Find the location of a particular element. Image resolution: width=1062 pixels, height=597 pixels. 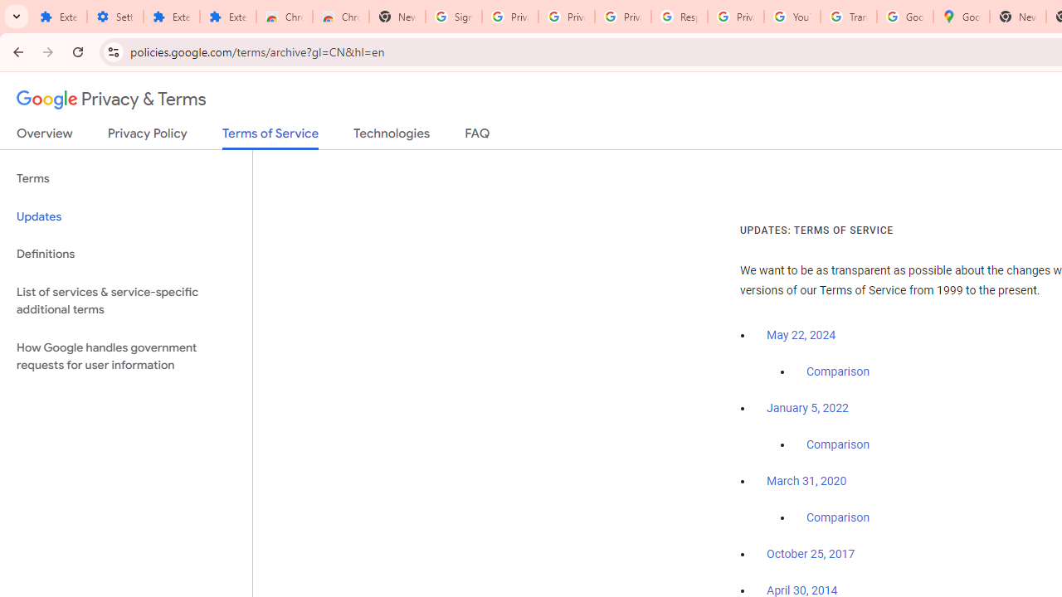

'Extensions' is located at coordinates (171, 17).